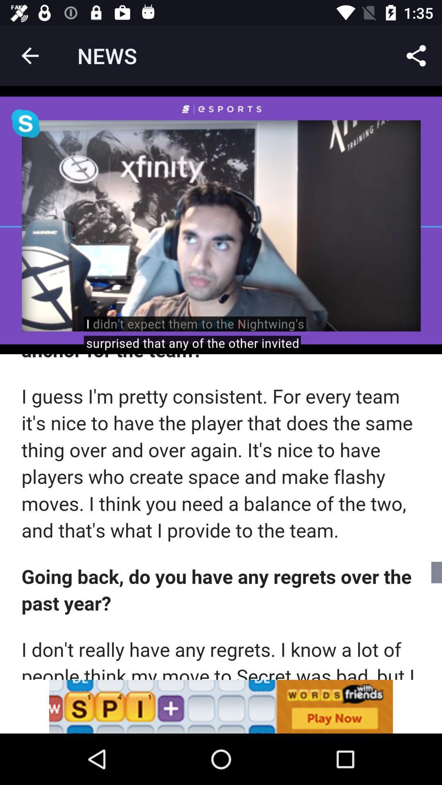 This screenshot has width=442, height=785. Describe the element at coordinates (221, 706) in the screenshot. I see `news share go to previous` at that location.